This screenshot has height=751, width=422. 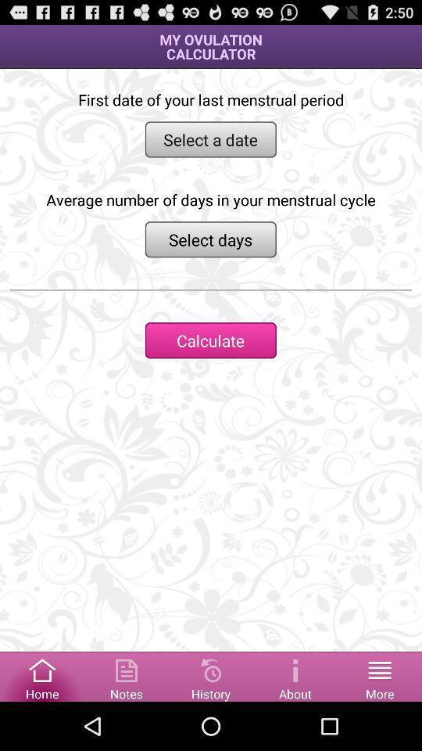 I want to click on home button, so click(x=42, y=675).